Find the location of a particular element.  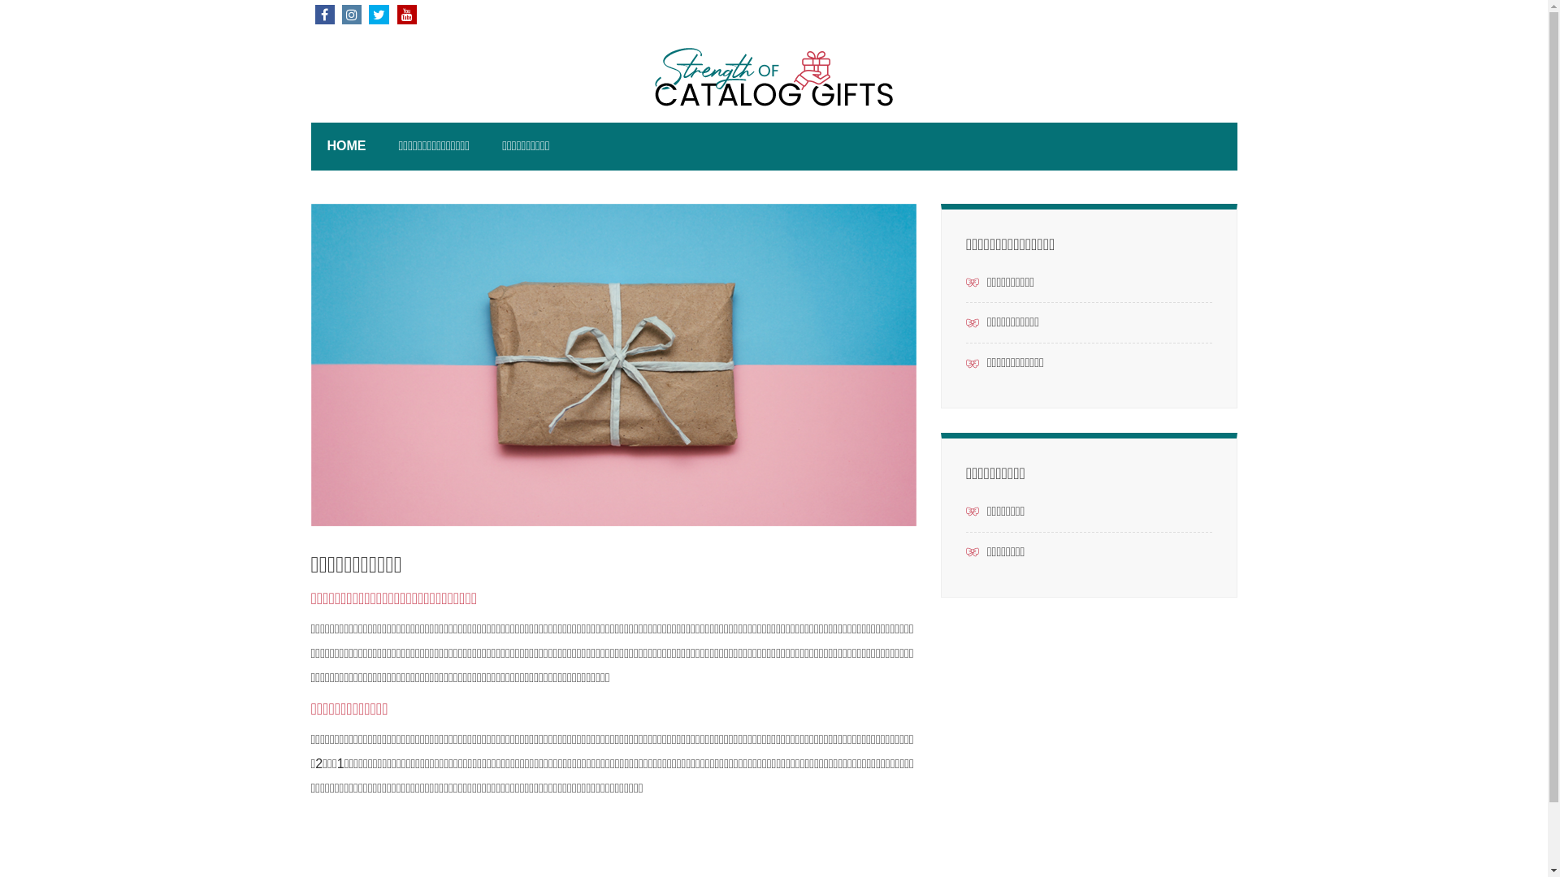

'HOME' is located at coordinates (345, 146).